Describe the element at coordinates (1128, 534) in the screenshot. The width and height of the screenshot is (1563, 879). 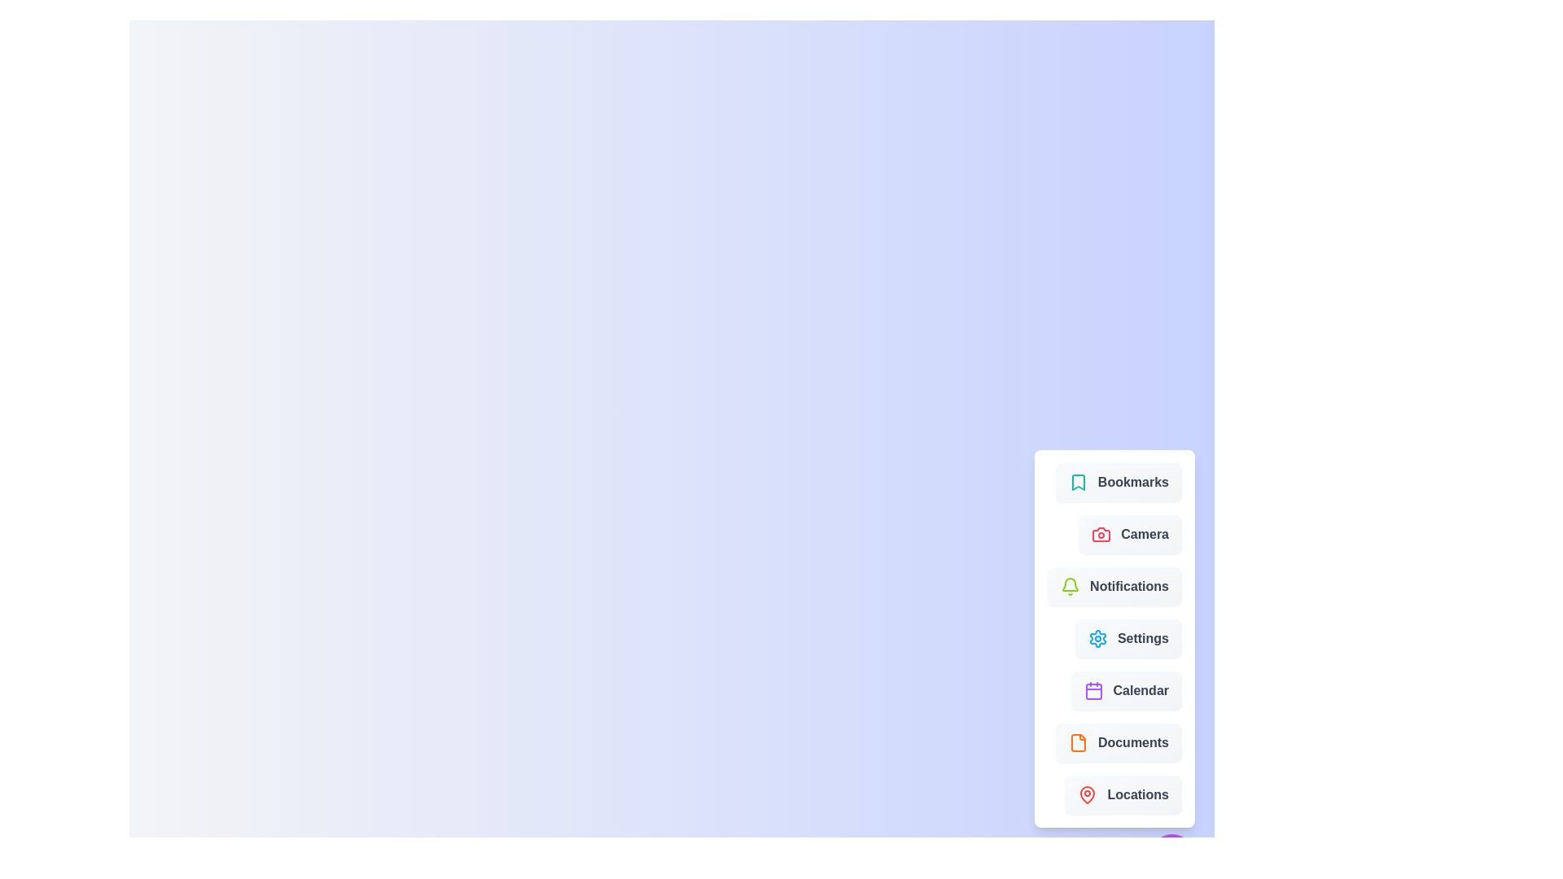
I see `the menu item labeled 'Camera' to see its visual feedback` at that location.